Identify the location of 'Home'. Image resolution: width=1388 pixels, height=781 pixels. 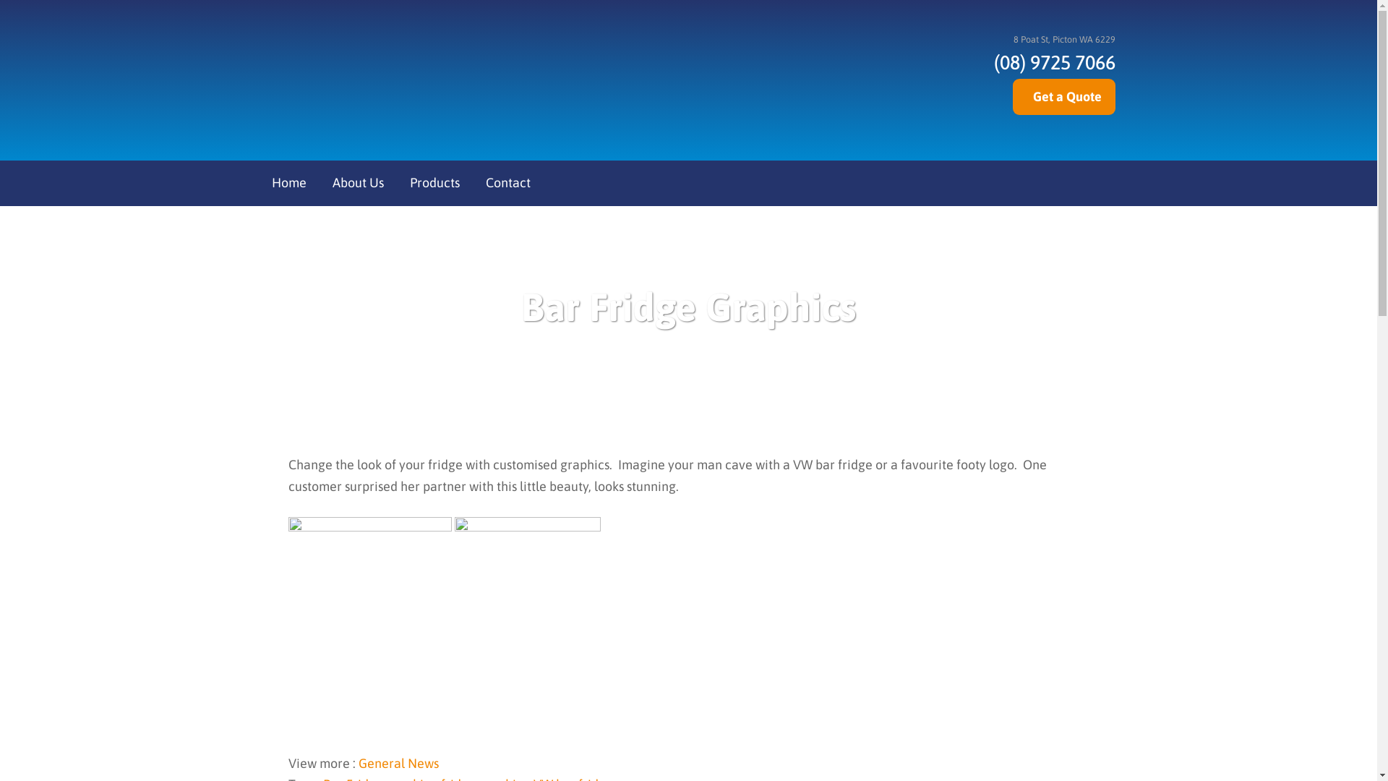
(288, 182).